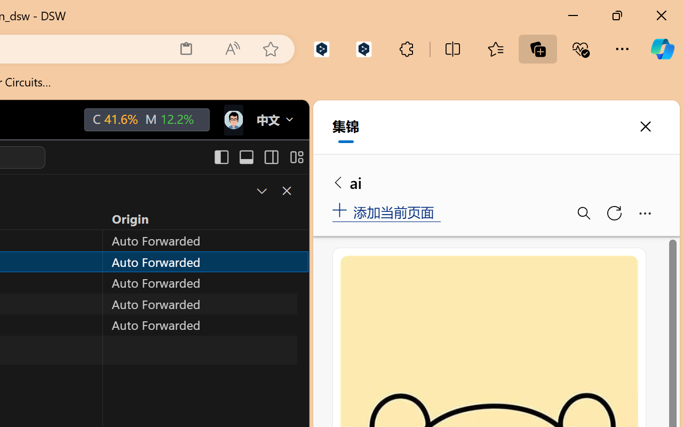 This screenshot has width=683, height=427. Describe the element at coordinates (662, 49) in the screenshot. I see `'Copilot (Ctrl+Shift+.)'` at that location.